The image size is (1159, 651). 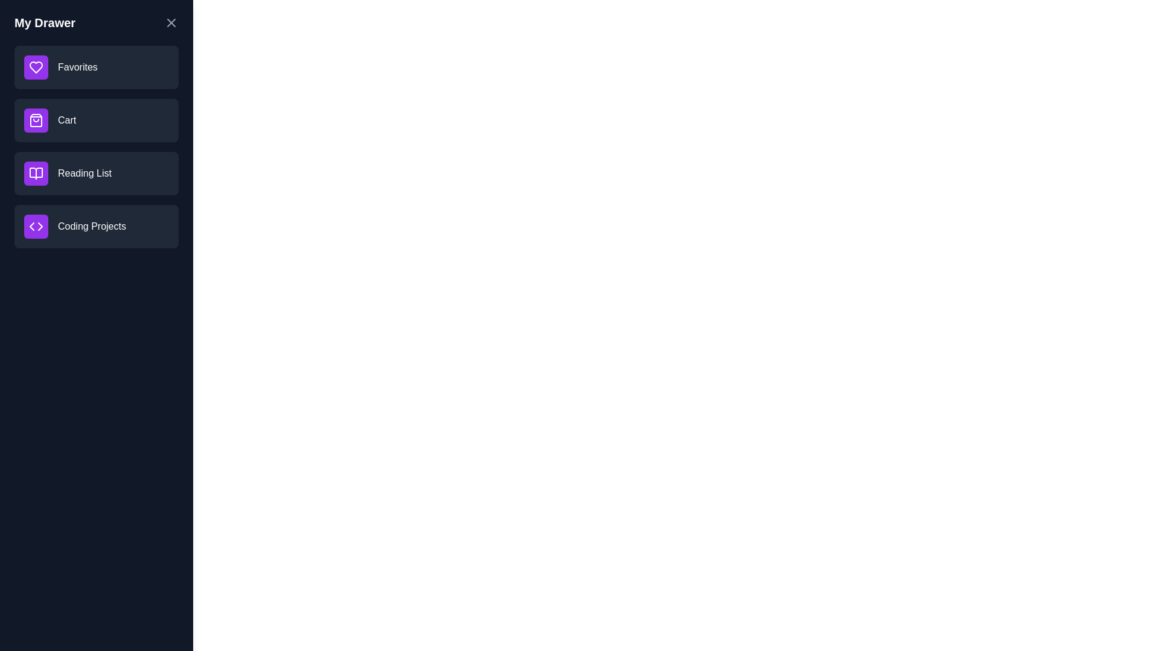 What do you see at coordinates (95, 67) in the screenshot?
I see `the item Favorites to reveal its hover effect` at bounding box center [95, 67].